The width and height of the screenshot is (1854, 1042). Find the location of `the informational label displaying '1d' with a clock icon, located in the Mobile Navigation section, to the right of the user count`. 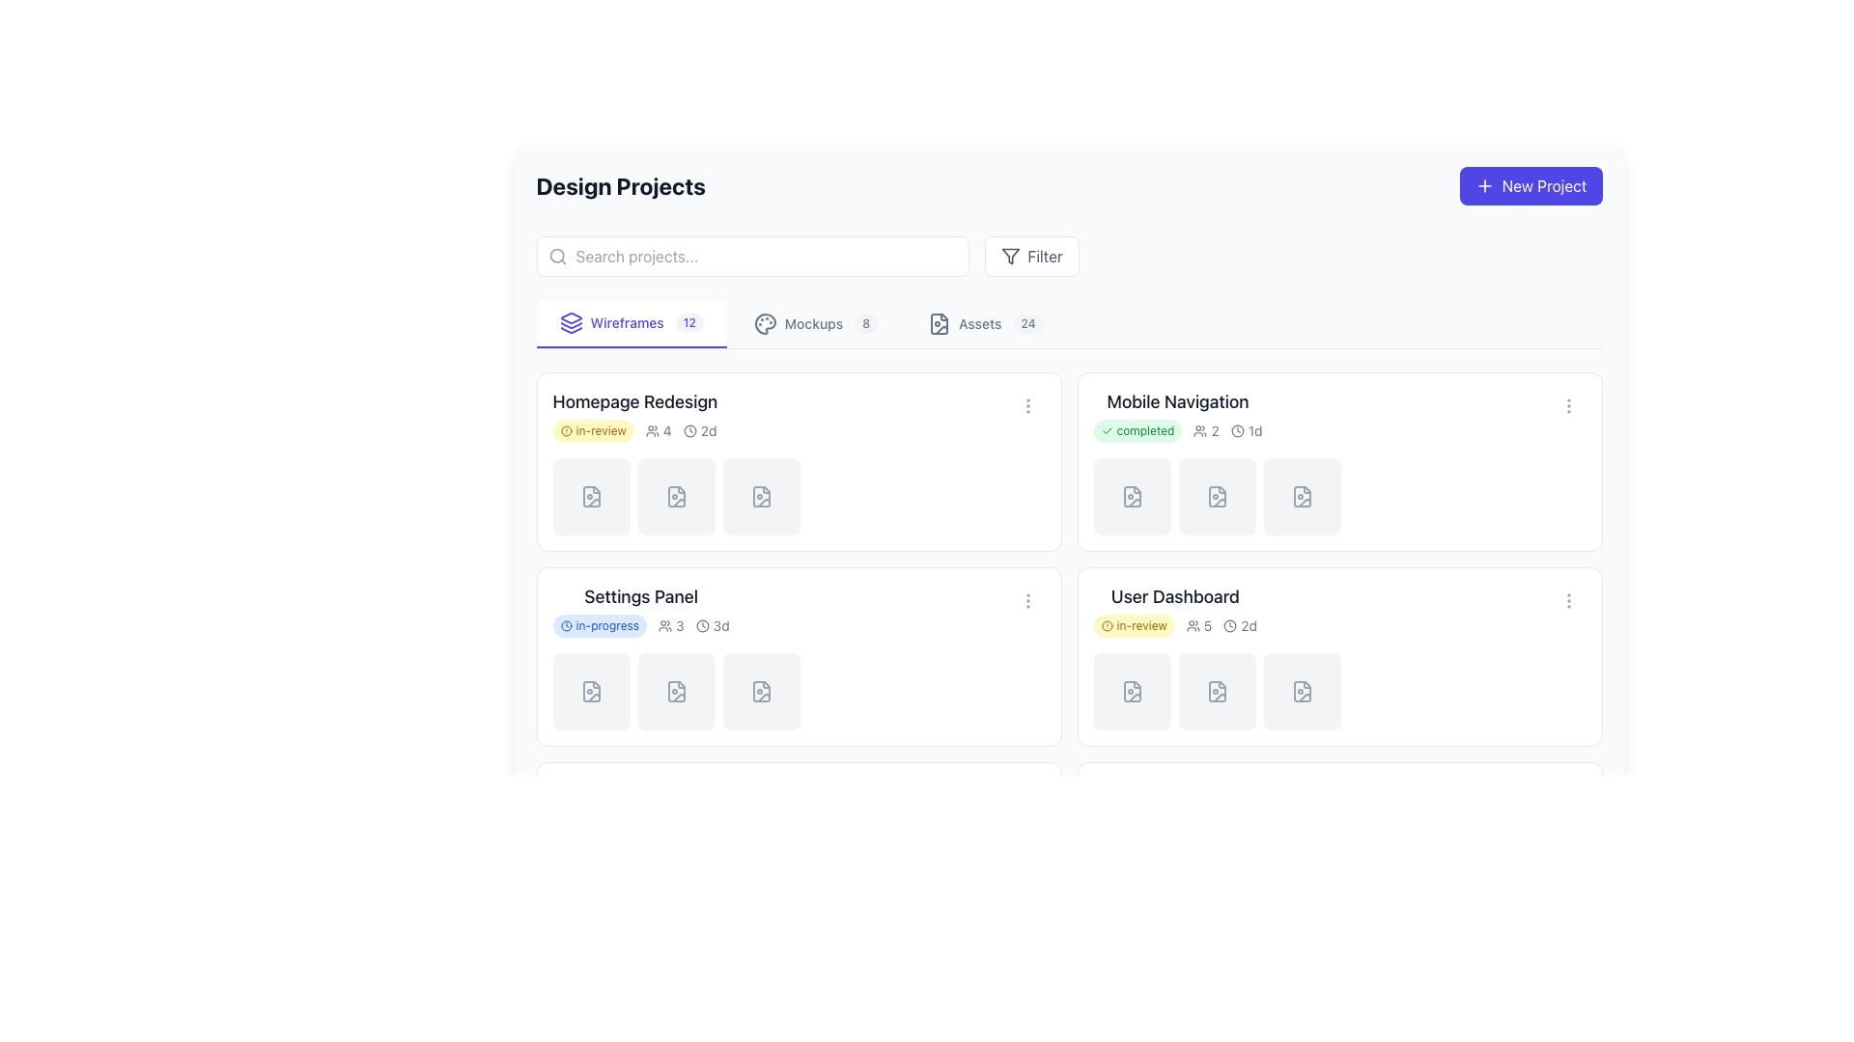

the informational label displaying '1d' with a clock icon, located in the Mobile Navigation section, to the right of the user count is located at coordinates (1247, 430).